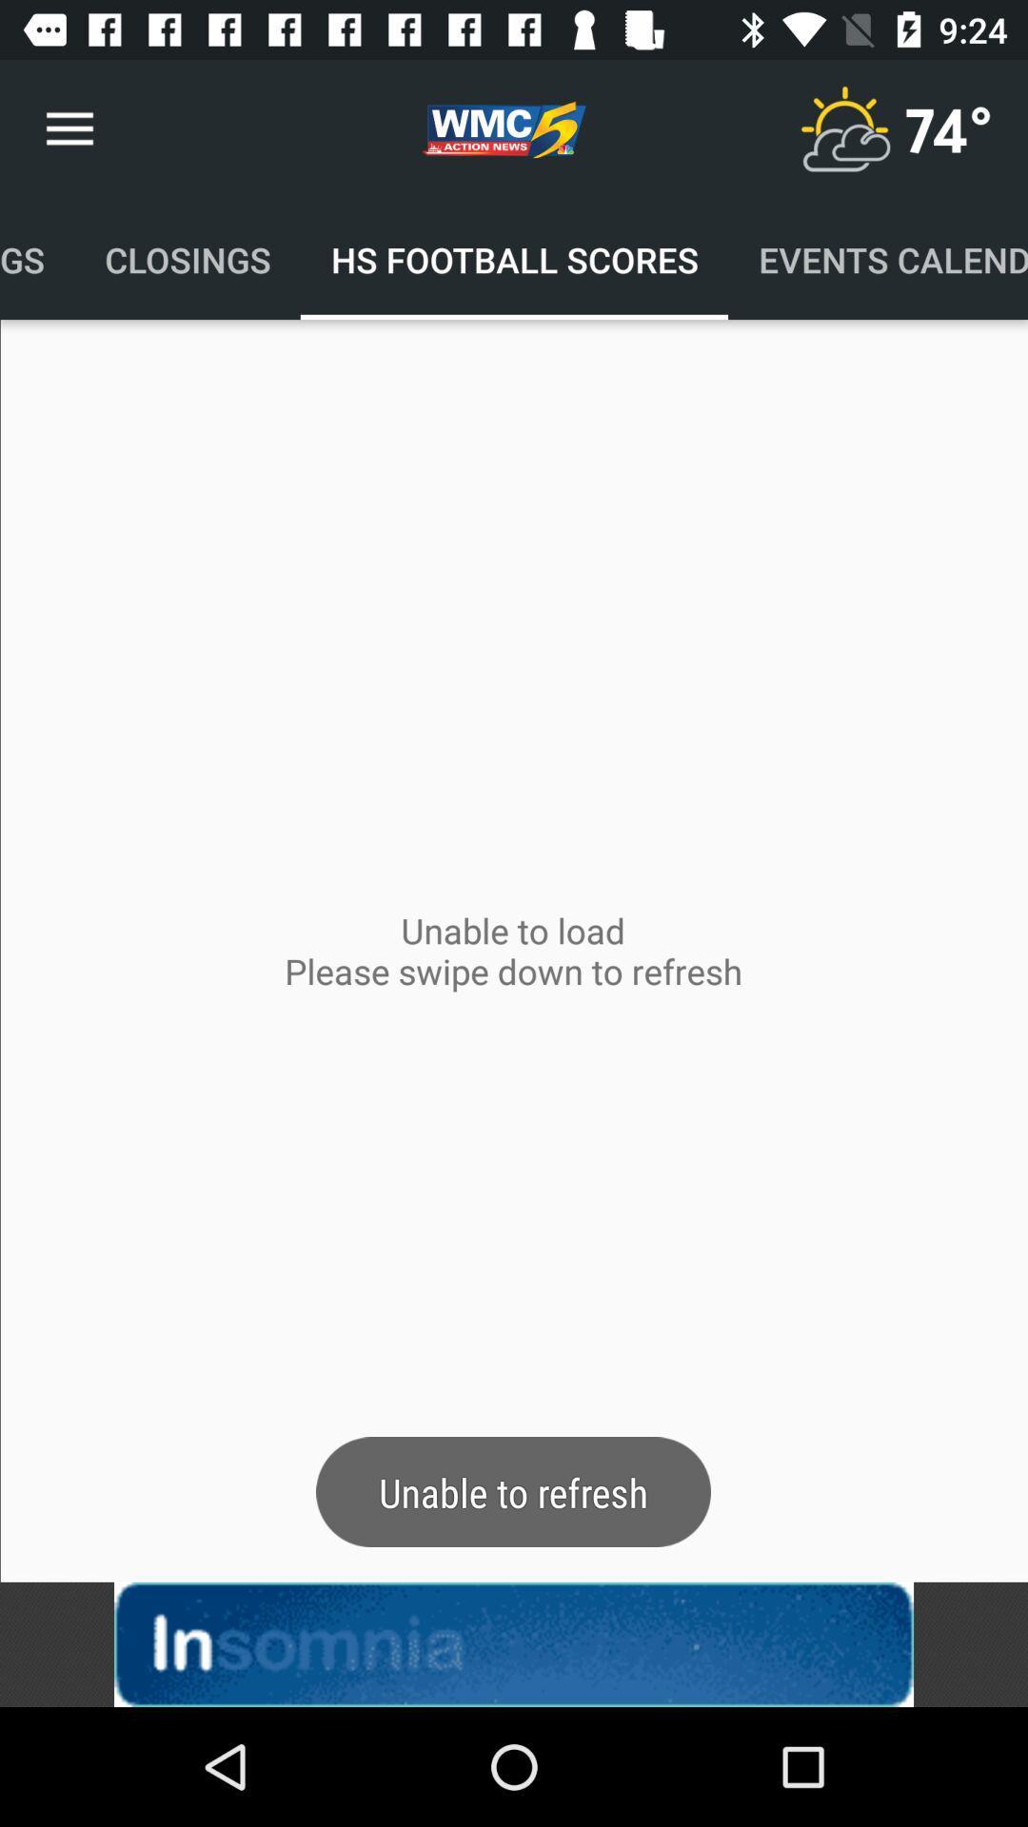  What do you see at coordinates (843, 128) in the screenshot?
I see `menu` at bounding box center [843, 128].